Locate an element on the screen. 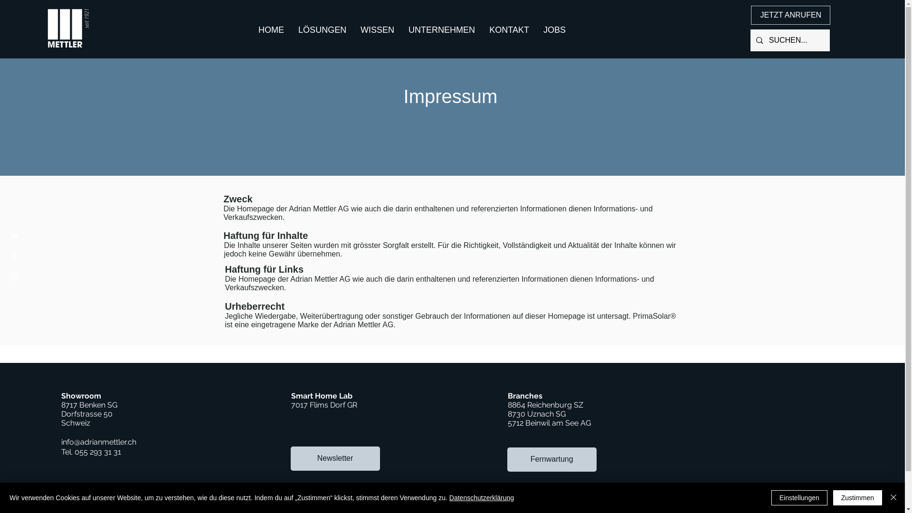 Image resolution: width=912 pixels, height=513 pixels. 'Newsletter' is located at coordinates (335, 458).